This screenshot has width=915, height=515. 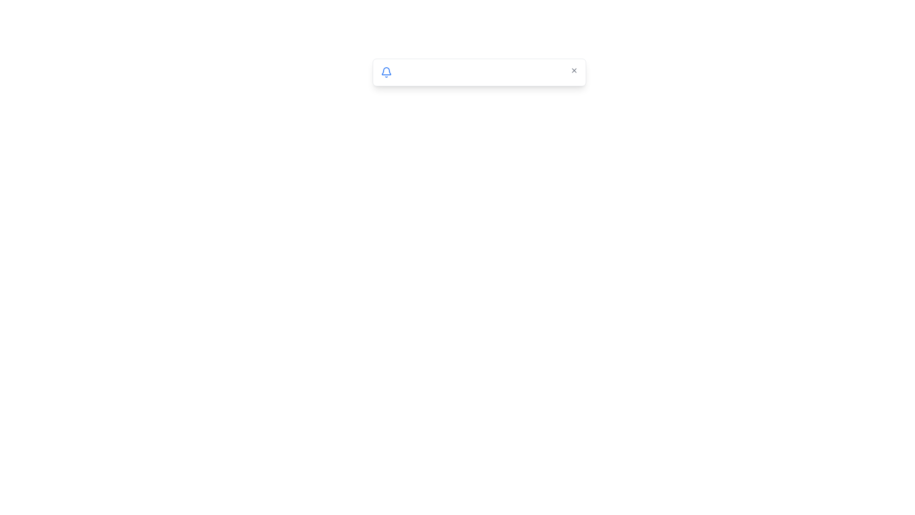 I want to click on the bell-shaped icon located on the left side of the white input box, so click(x=386, y=71).